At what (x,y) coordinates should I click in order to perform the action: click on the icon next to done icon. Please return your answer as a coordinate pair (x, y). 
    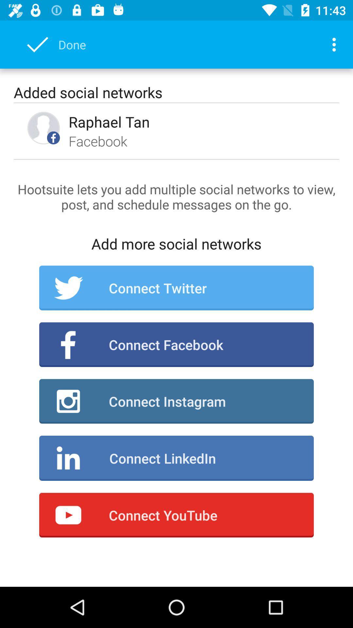
    Looking at the image, I should click on (336, 44).